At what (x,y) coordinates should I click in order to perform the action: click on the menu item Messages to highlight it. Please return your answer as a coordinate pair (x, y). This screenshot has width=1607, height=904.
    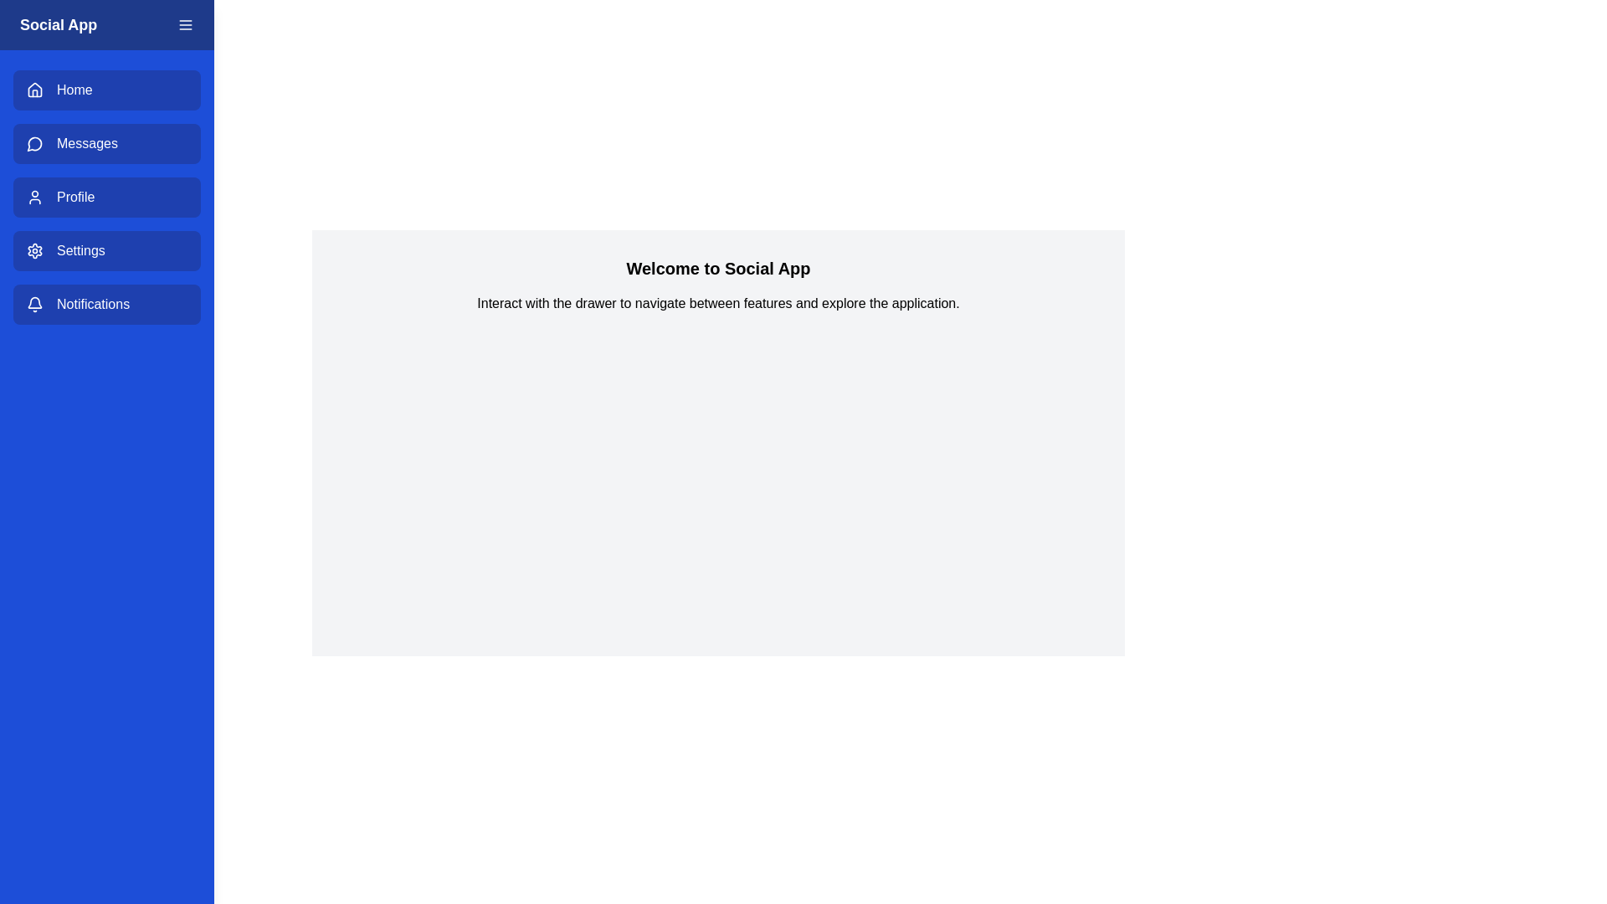
    Looking at the image, I should click on (106, 143).